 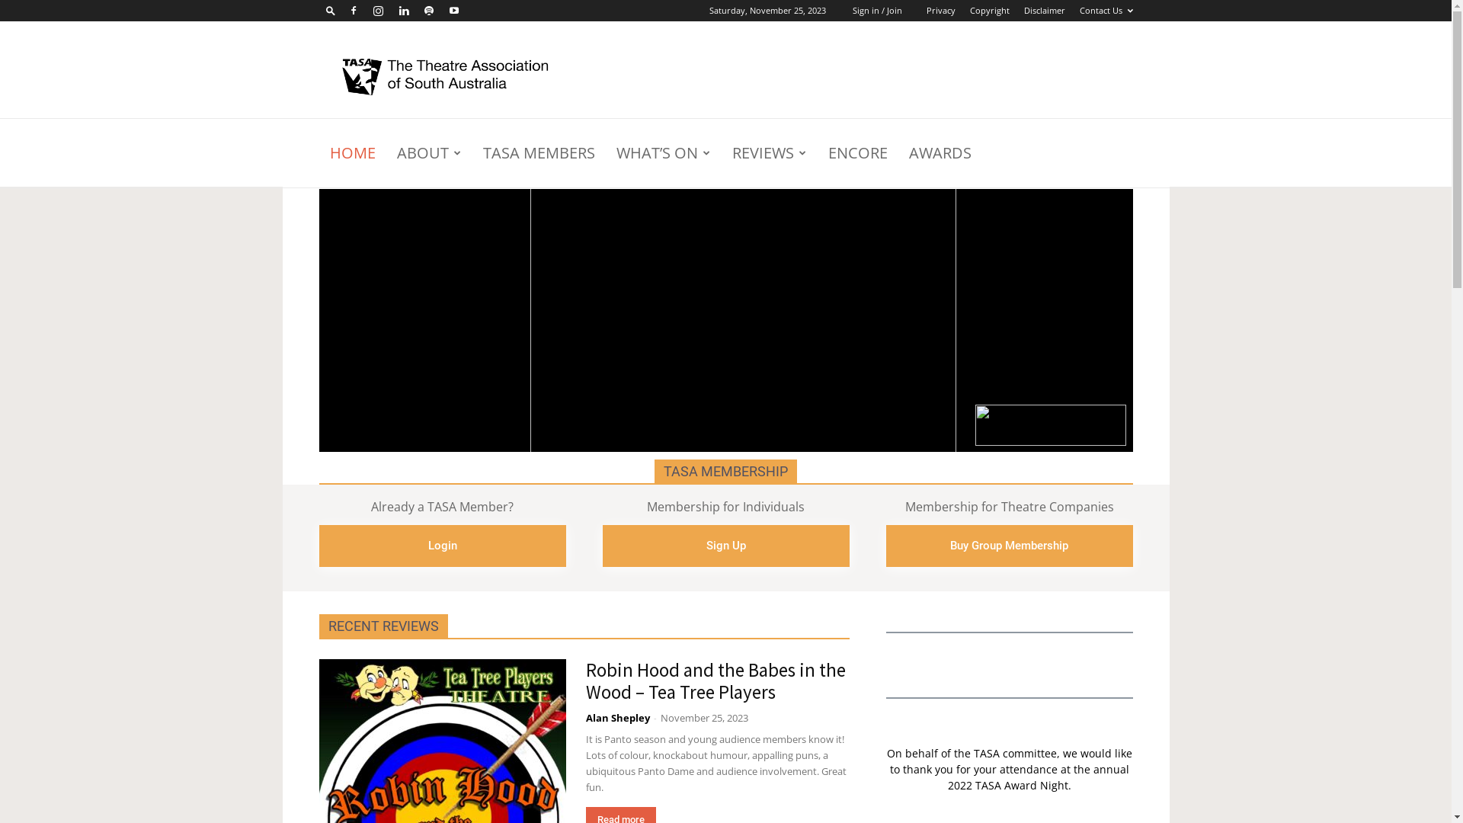 What do you see at coordinates (1105, 10) in the screenshot?
I see `'Contact Us'` at bounding box center [1105, 10].